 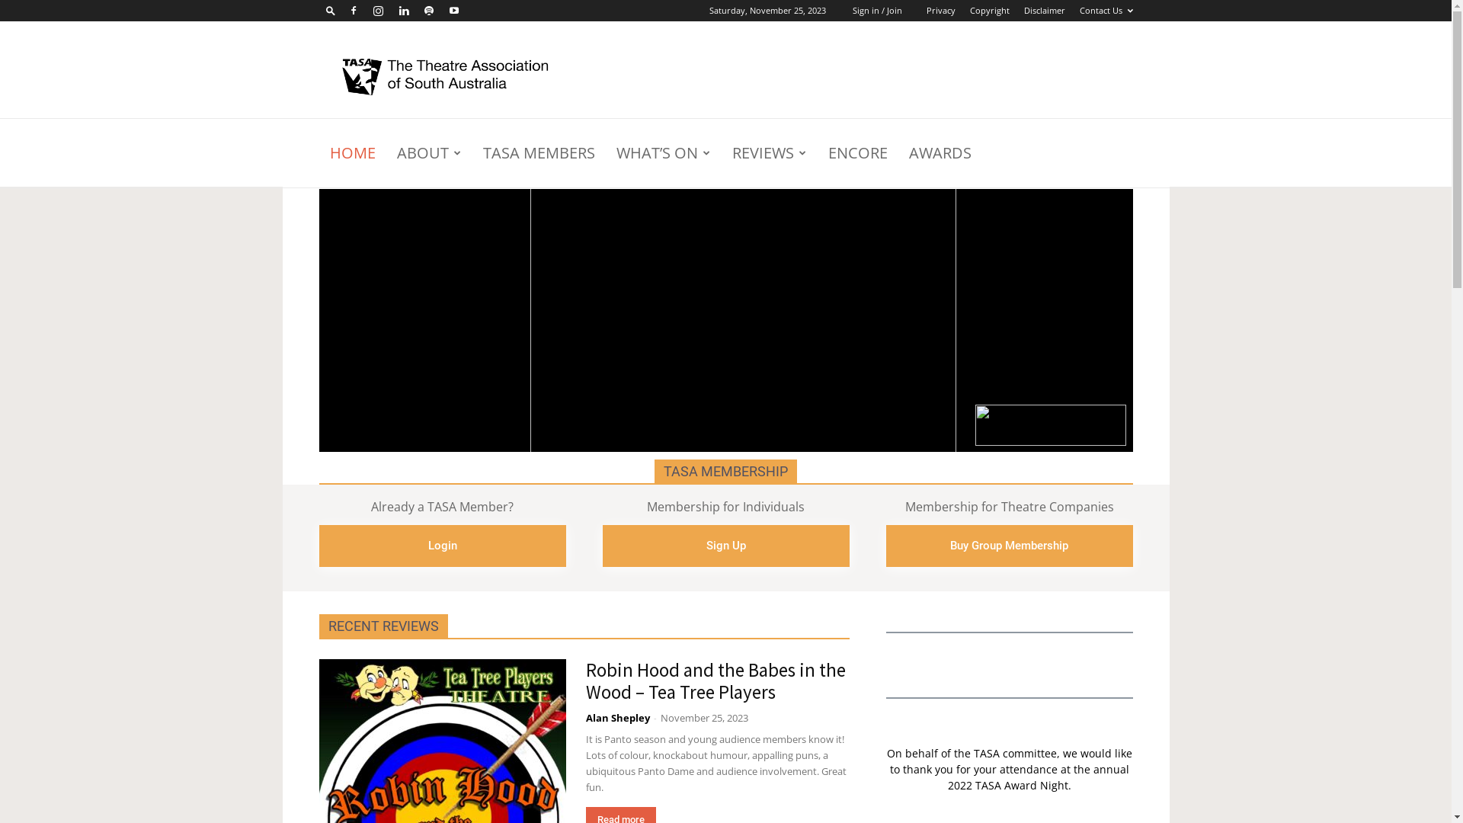 What do you see at coordinates (1105, 10) in the screenshot?
I see `'Contact Us'` at bounding box center [1105, 10].